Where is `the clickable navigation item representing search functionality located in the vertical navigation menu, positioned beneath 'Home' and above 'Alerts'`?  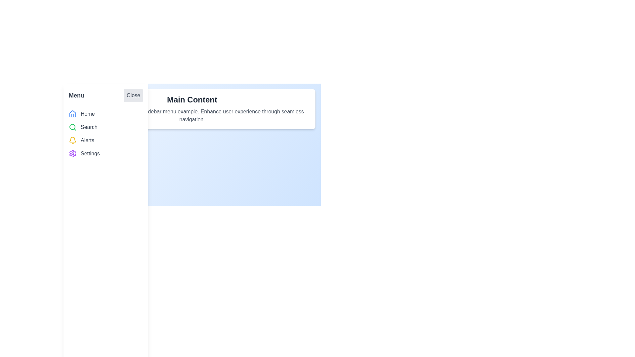 the clickable navigation item representing search functionality located in the vertical navigation menu, positioned beneath 'Home' and above 'Alerts' is located at coordinates (106, 127).